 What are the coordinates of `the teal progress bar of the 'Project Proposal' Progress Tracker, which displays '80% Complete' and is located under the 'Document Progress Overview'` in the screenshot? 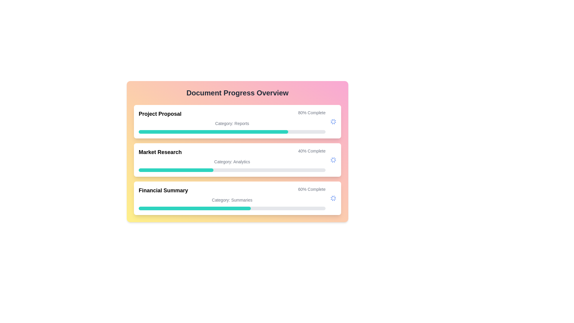 It's located at (232, 121).